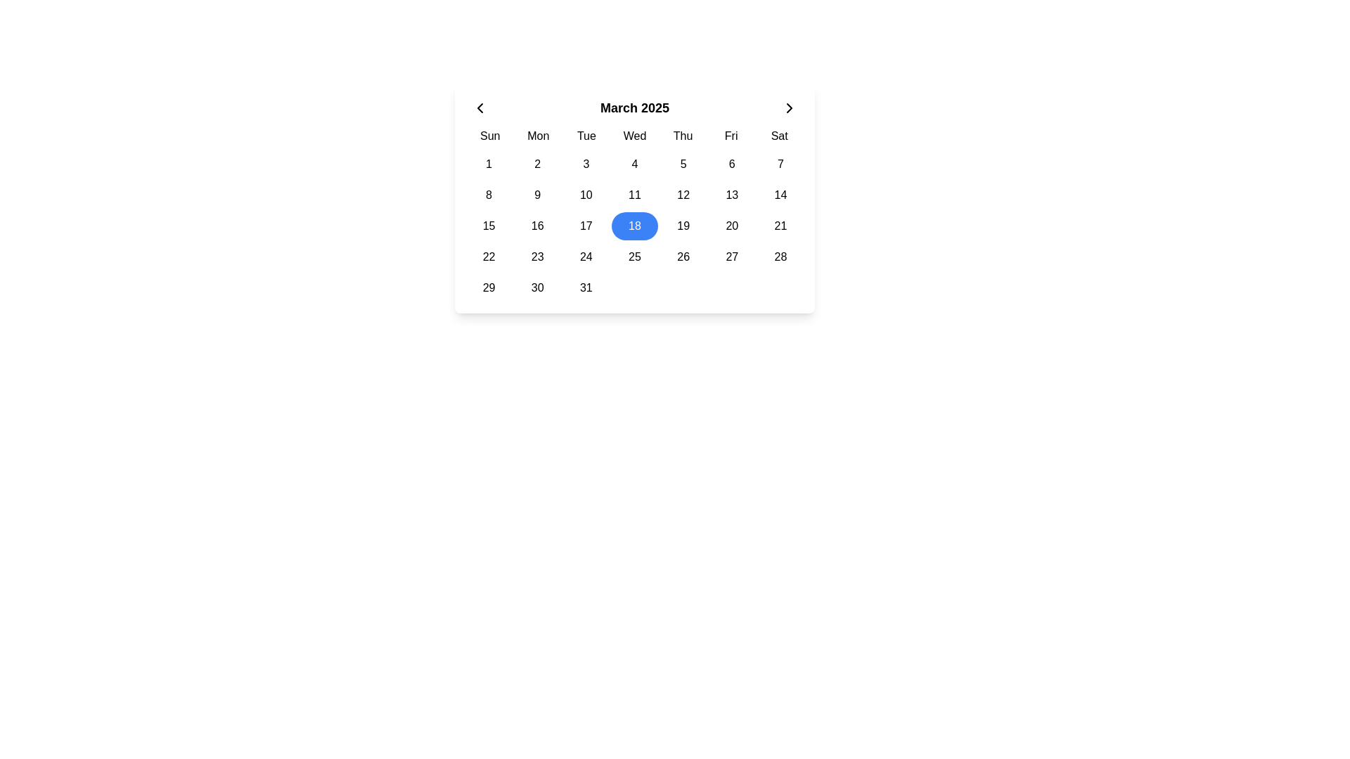  What do you see at coordinates (537, 136) in the screenshot?
I see `the static text label representing 'Mon', which is the second abbreviation in the row of weekdays in the calendar header` at bounding box center [537, 136].